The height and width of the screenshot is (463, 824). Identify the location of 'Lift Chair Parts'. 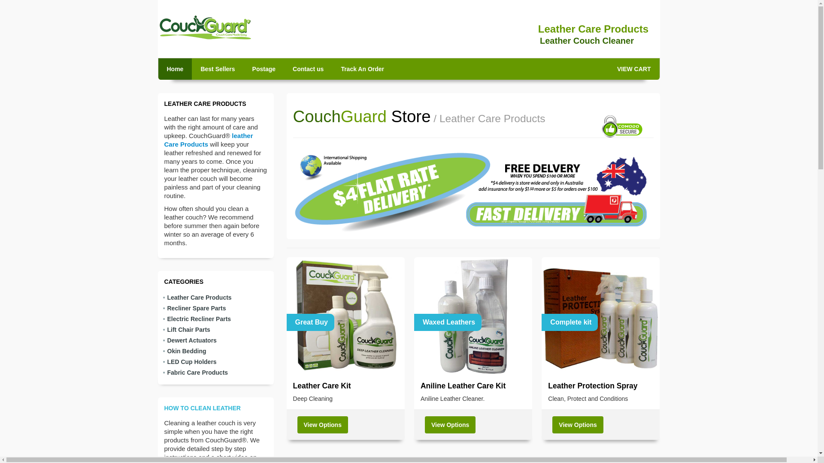
(167, 329).